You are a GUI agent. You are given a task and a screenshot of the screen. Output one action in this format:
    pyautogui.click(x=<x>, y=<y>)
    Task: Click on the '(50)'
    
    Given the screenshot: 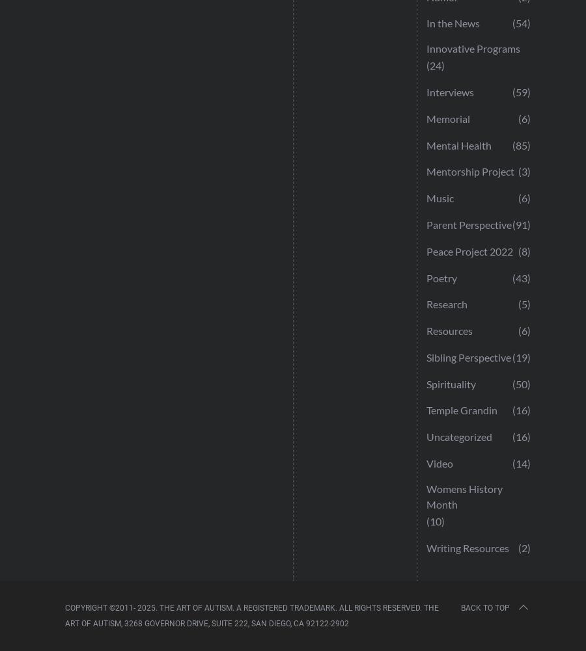 What is the action you would take?
    pyautogui.click(x=522, y=383)
    